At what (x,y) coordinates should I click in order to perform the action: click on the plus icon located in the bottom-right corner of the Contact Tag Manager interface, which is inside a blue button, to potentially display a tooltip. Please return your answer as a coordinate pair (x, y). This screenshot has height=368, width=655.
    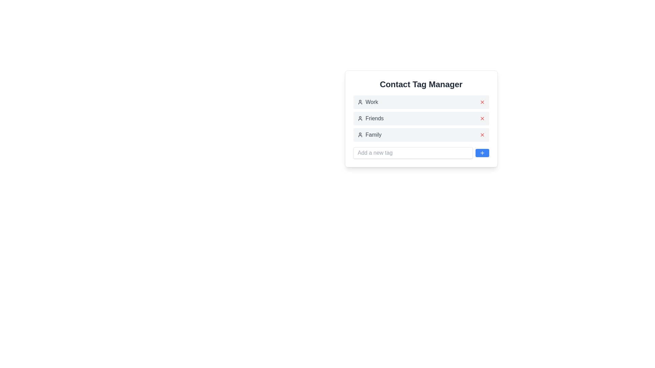
    Looking at the image, I should click on (482, 152).